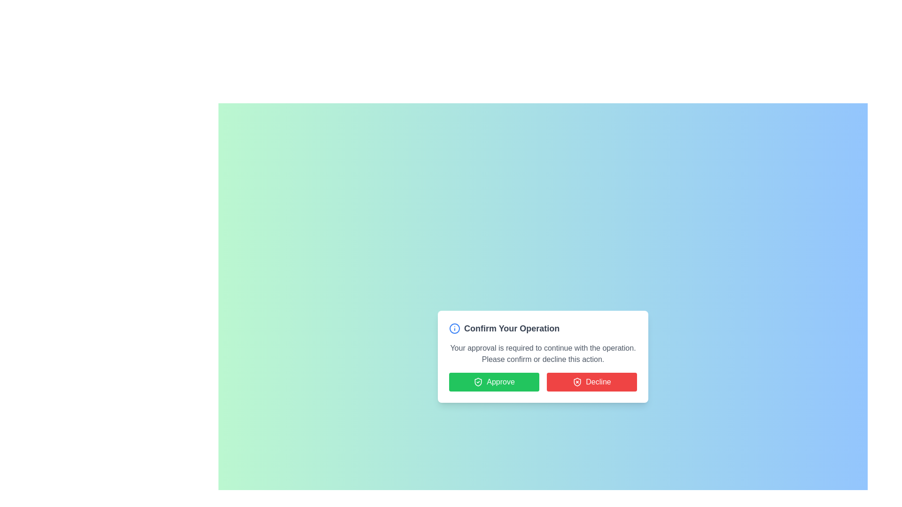  I want to click on the 'Approve' button in the Interactive button group located at the bottom of the modal displaying confirmation prompts, so click(543, 382).